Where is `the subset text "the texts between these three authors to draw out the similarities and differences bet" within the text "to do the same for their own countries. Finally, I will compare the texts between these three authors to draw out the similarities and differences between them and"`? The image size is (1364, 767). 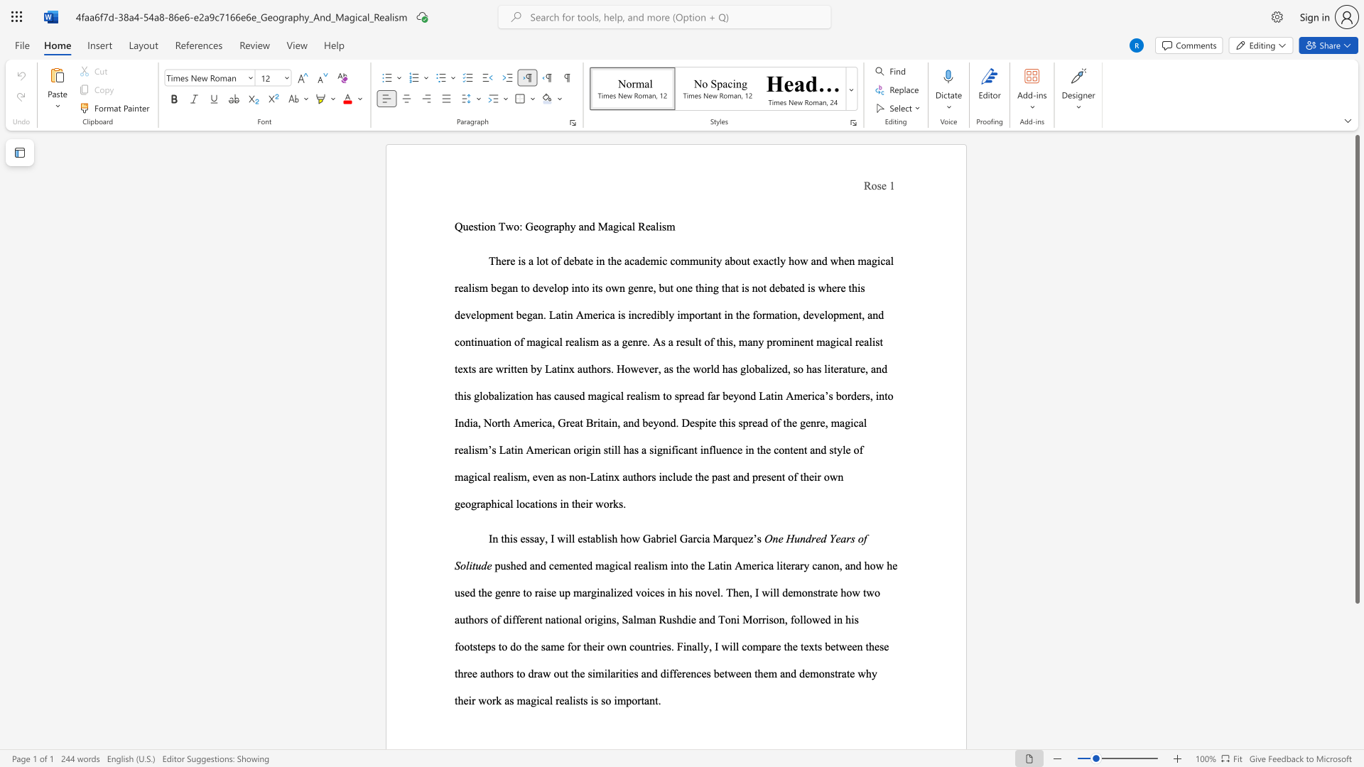
the subset text "the texts between these three authors to draw out the similarities and differences bet" within the text "to do the same for their own countries. Finally, I will compare the texts between these three authors to draw out the similarities and differences between them and" is located at coordinates (783, 646).